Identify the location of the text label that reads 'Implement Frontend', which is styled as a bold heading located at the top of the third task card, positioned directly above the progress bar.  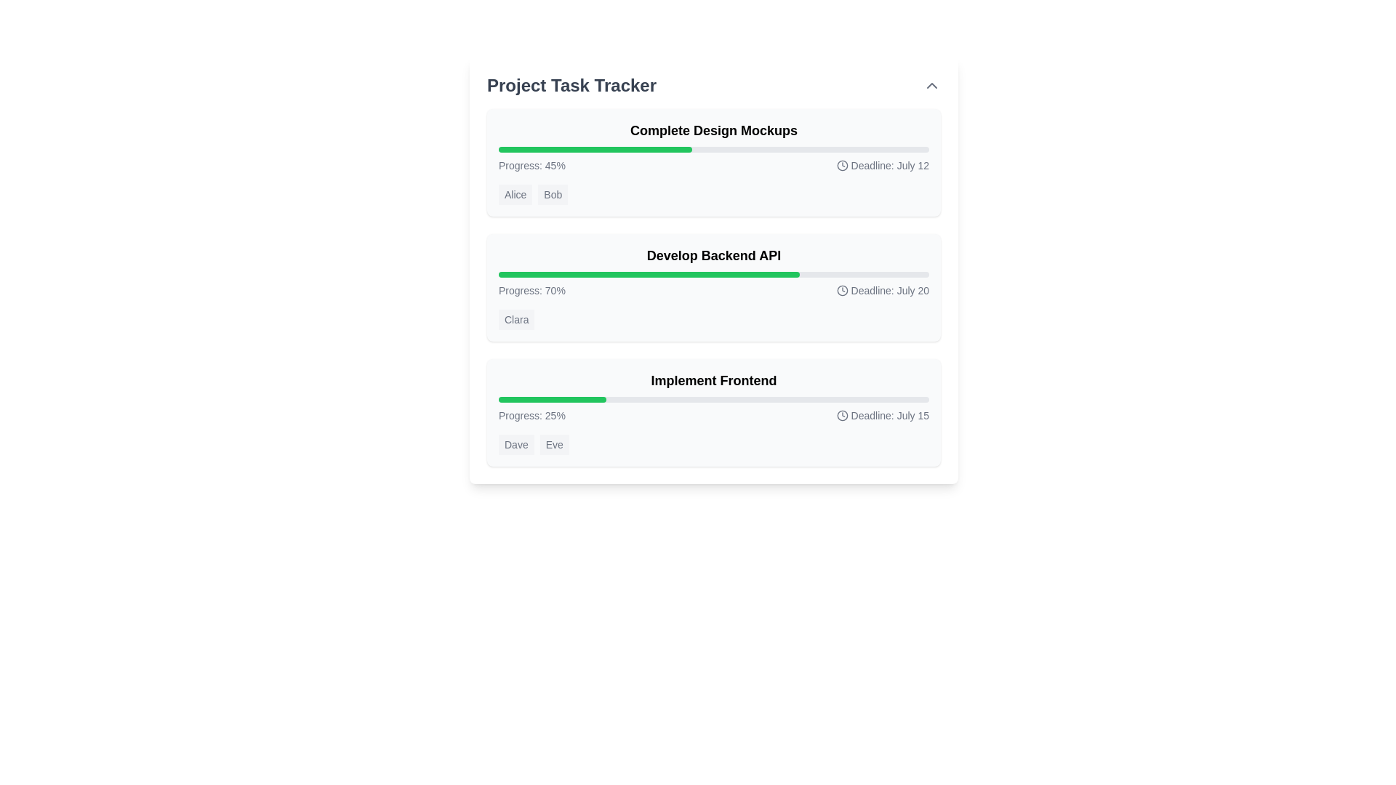
(714, 380).